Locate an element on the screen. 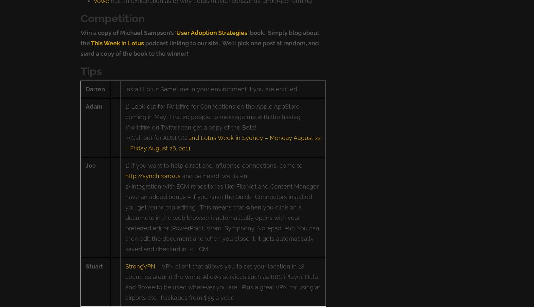 This screenshot has height=307, width=534. '2) Integration with ECM repositories like FileNet and Content Manager have an added bonus – if you have the Quickr Connectors installed you get round trip editing.  This means that when you click on a document in the web browser it automatically opens with your preferred editor (PowerPoint, Word, Symphony, Notepad, etc). You can then edit the document and when you close it, it gets automatically saved and checked in to ECM' is located at coordinates (222, 217).